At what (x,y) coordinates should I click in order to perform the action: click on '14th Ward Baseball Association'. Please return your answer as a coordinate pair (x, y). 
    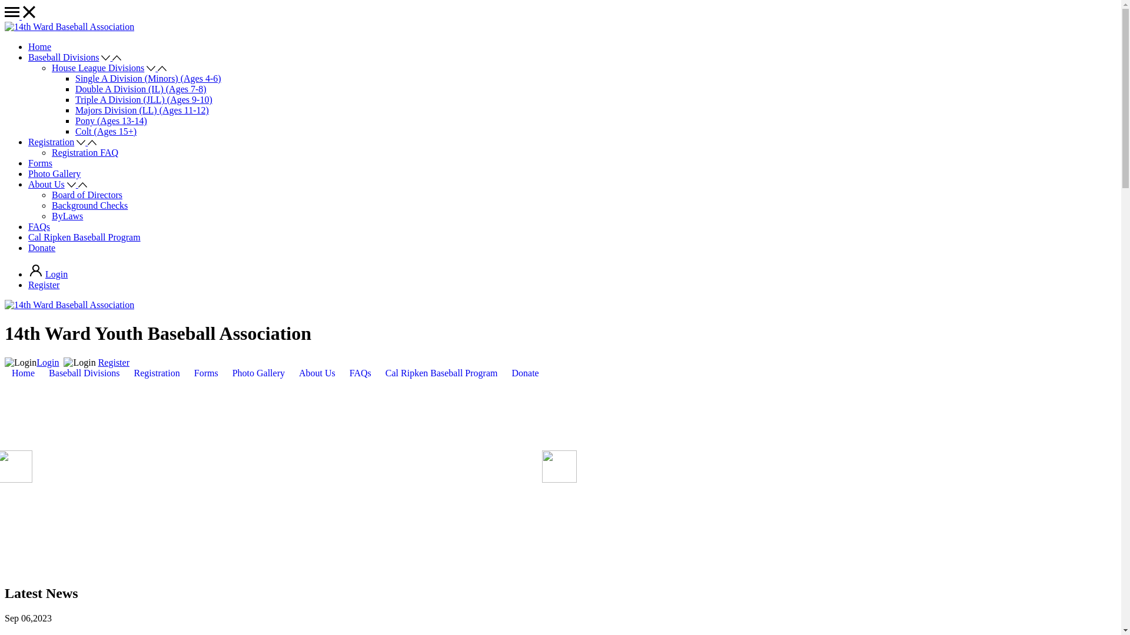
    Looking at the image, I should click on (69, 304).